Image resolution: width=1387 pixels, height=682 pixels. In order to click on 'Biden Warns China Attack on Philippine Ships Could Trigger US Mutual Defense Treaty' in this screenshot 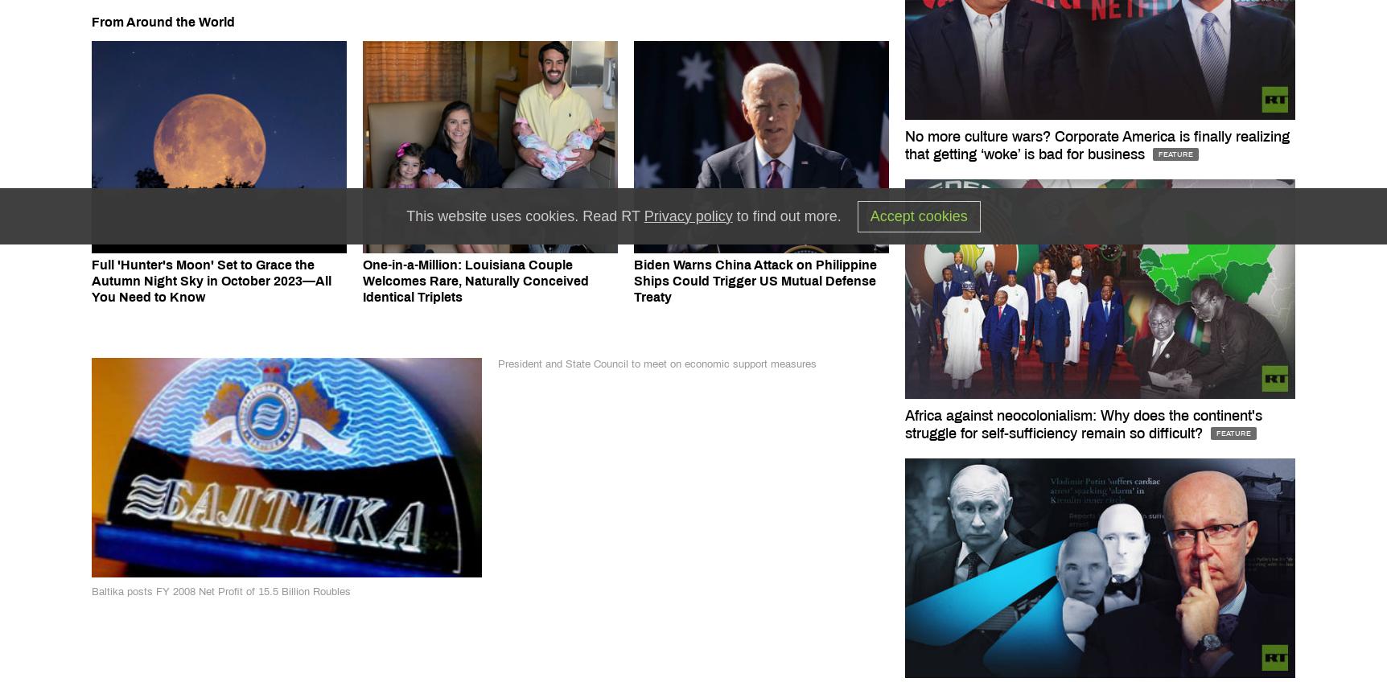, I will do `click(755, 280)`.